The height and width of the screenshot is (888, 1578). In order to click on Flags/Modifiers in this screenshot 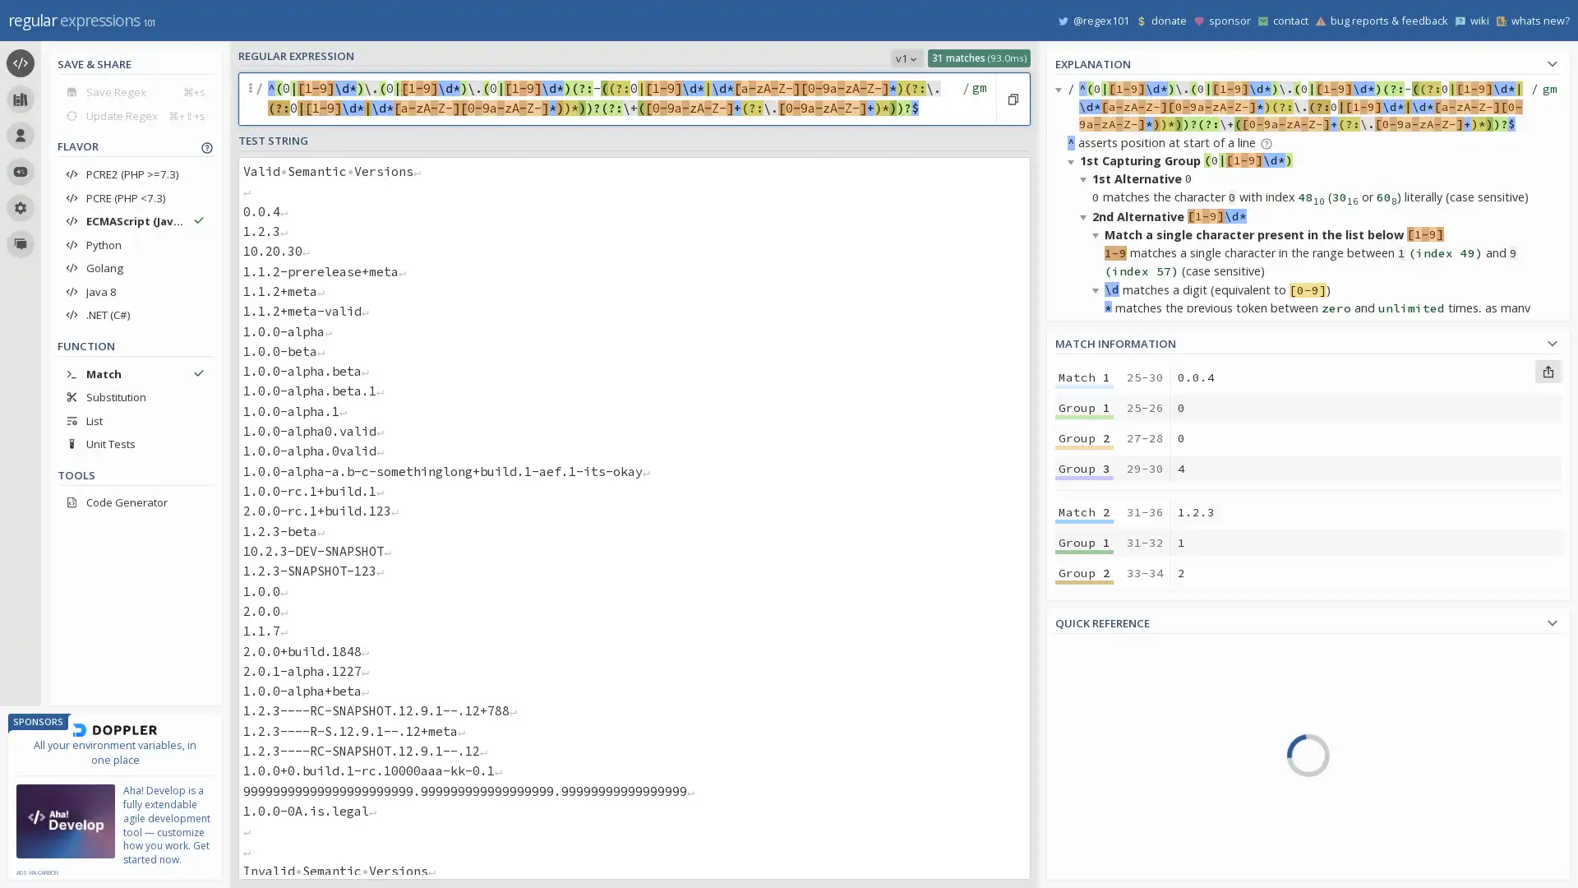, I will do `click(1132, 868)`.